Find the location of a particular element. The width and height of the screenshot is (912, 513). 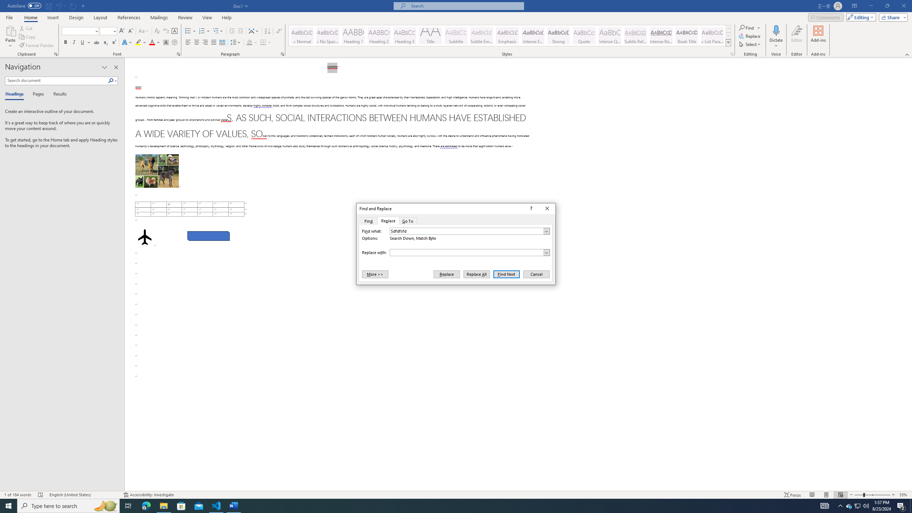

'Zoom 55%' is located at coordinates (904, 495).